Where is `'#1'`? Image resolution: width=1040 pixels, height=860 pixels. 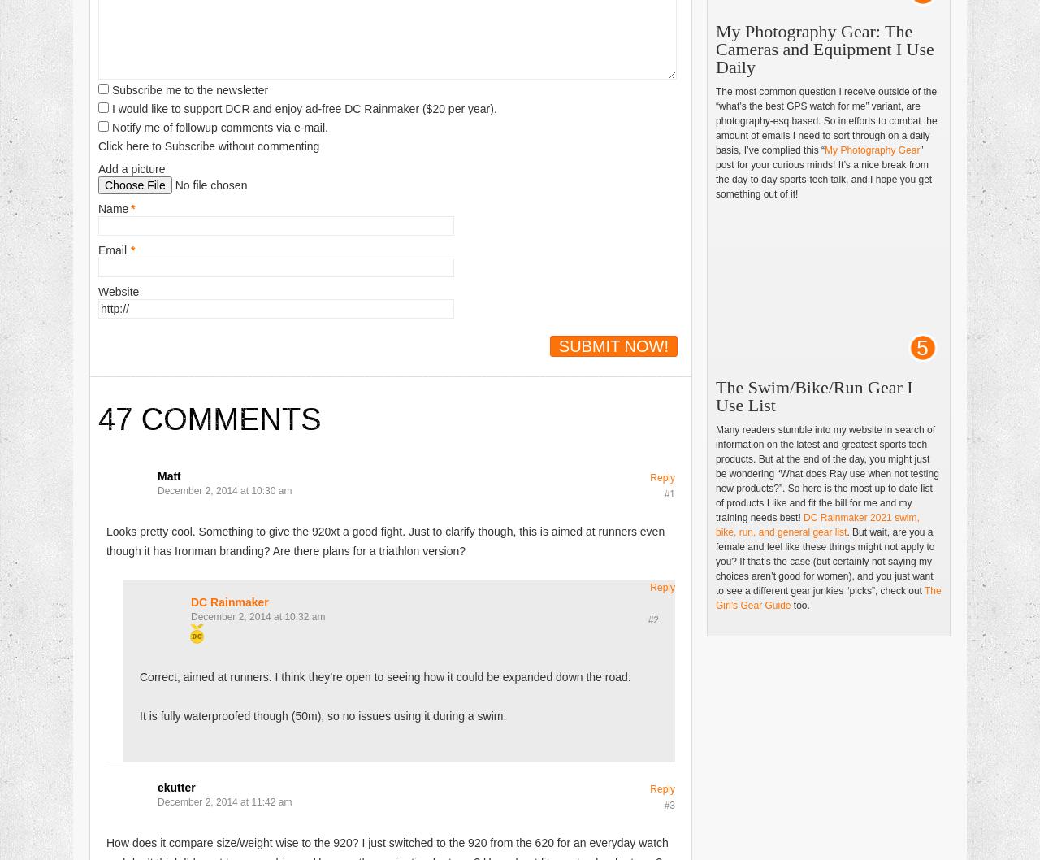 '#1' is located at coordinates (664, 493).